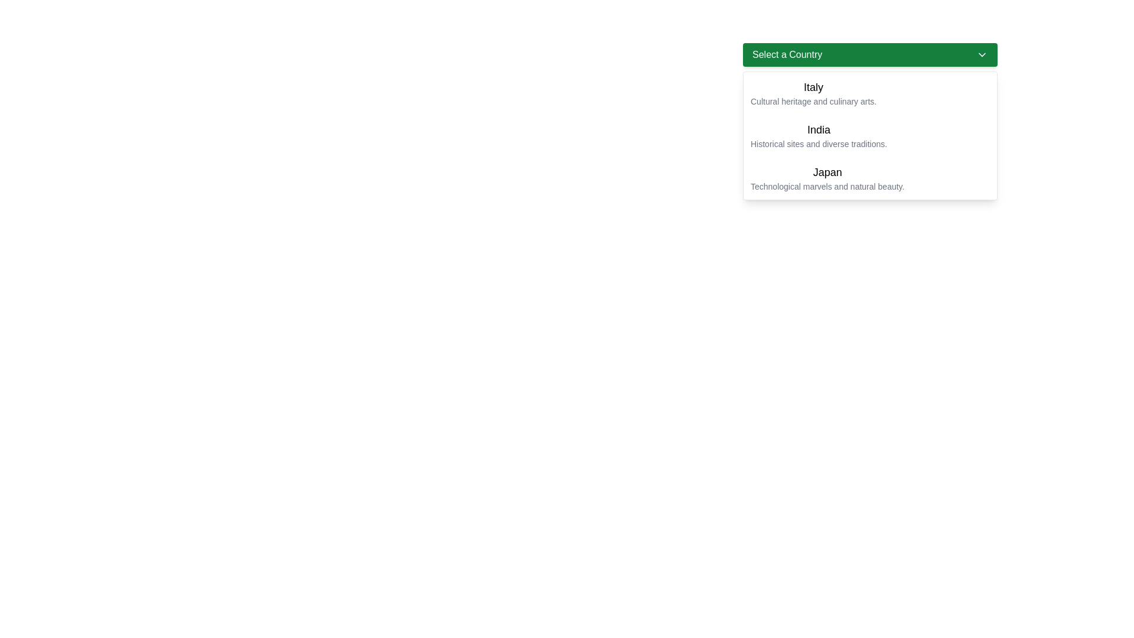  Describe the element at coordinates (982, 54) in the screenshot. I see `the downward-pointing chevron icon next to the 'Select a Country' label` at that location.